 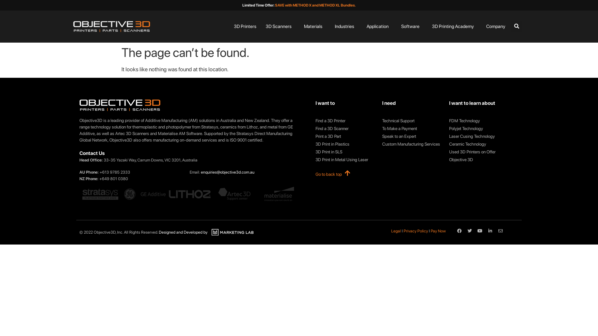 I want to click on 'Industries', so click(x=344, y=26).